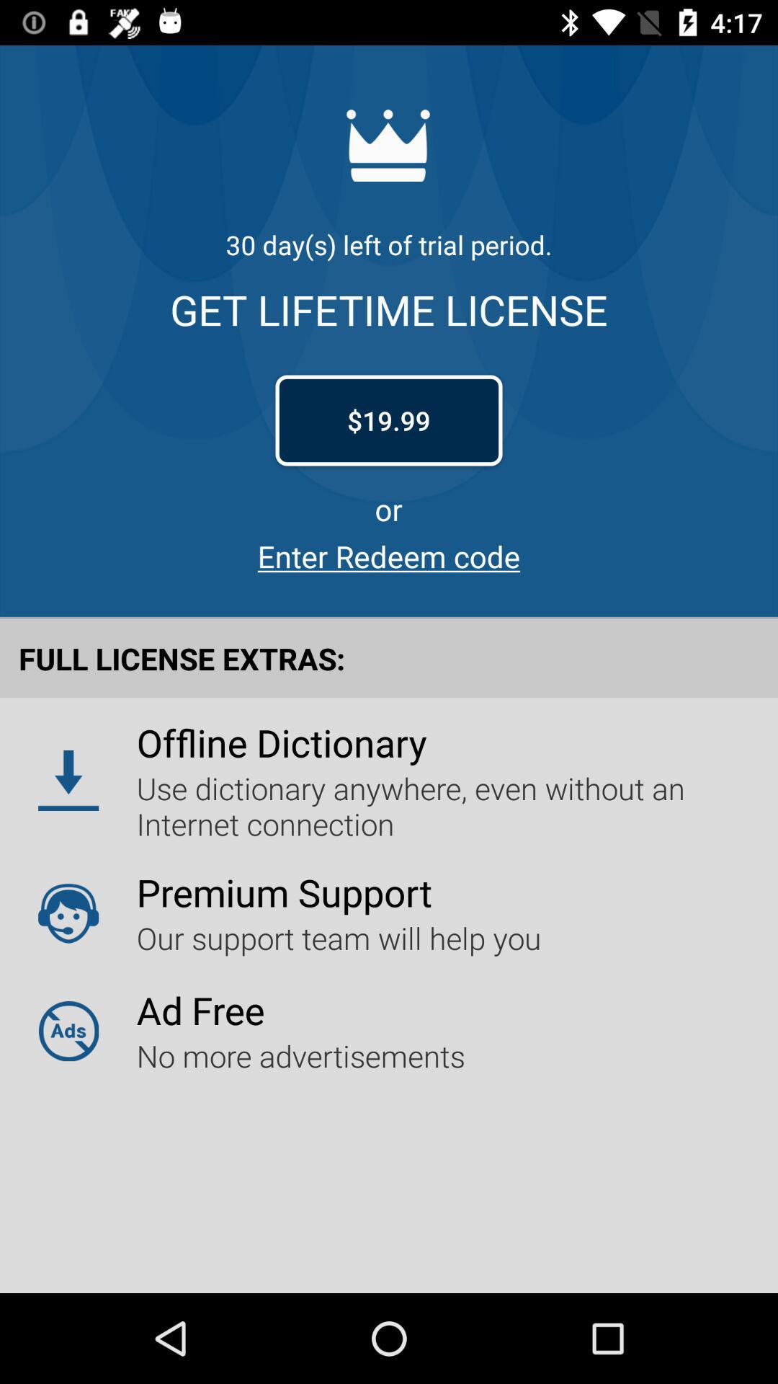 This screenshot has height=1384, width=778. Describe the element at coordinates (389, 420) in the screenshot. I see `$19.99` at that location.